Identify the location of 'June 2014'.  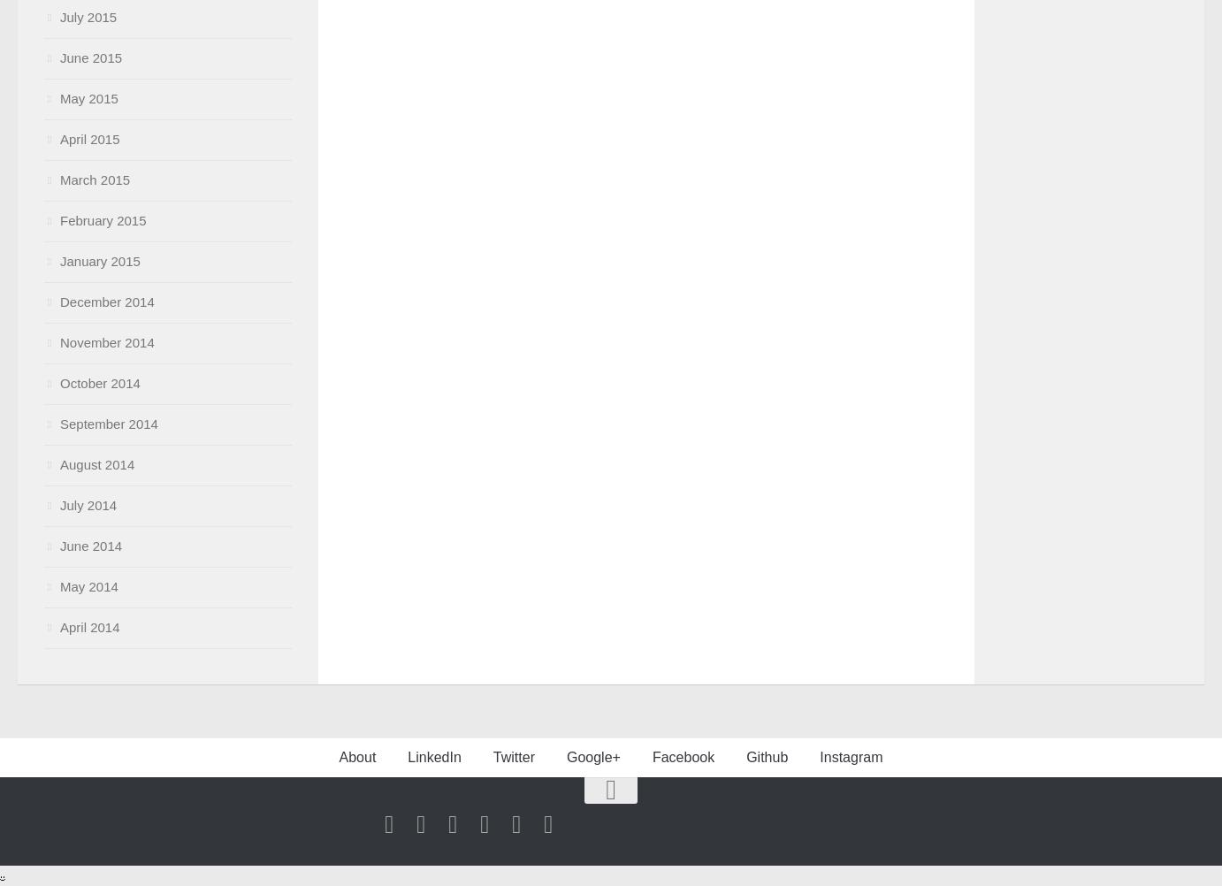
(90, 545).